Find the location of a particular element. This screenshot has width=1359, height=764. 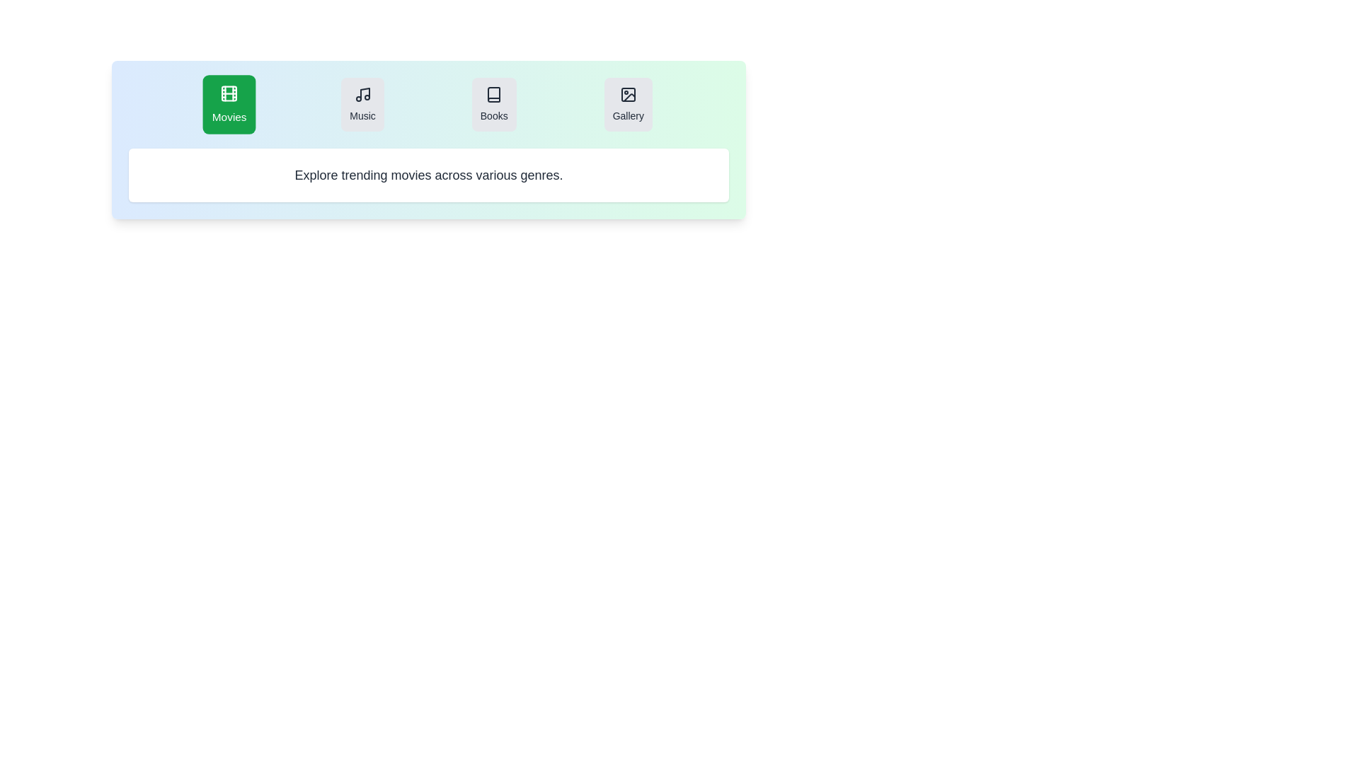

the Music tab is located at coordinates (362, 103).